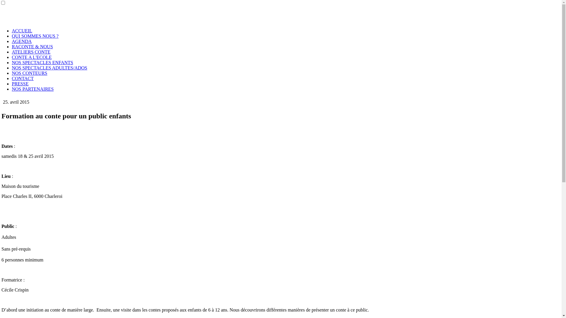  Describe the element at coordinates (11, 78) in the screenshot. I see `'CONTACT'` at that location.